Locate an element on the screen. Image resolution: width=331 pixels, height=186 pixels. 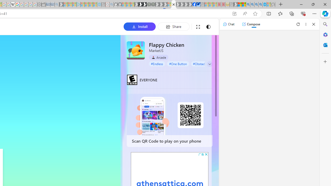
'Flappy Chicken' is located at coordinates (136, 50).